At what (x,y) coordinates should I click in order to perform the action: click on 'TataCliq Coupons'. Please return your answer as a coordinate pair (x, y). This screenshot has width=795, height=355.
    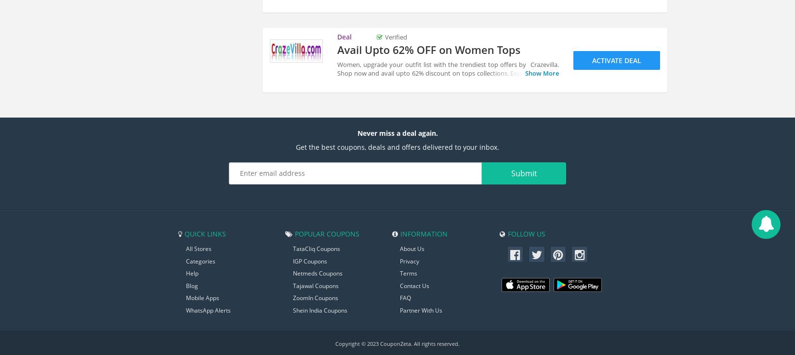
    Looking at the image, I should click on (316, 248).